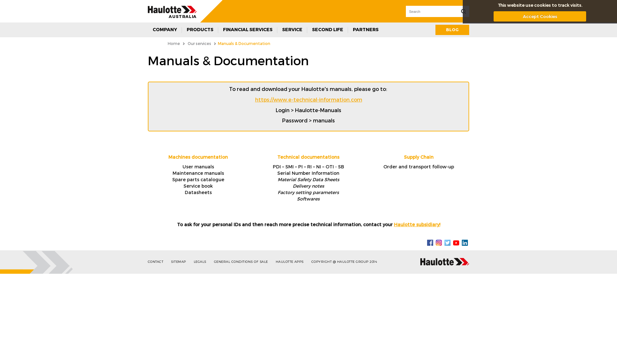 The image size is (617, 347). What do you see at coordinates (430, 242) in the screenshot?
I see `'Facebook'` at bounding box center [430, 242].